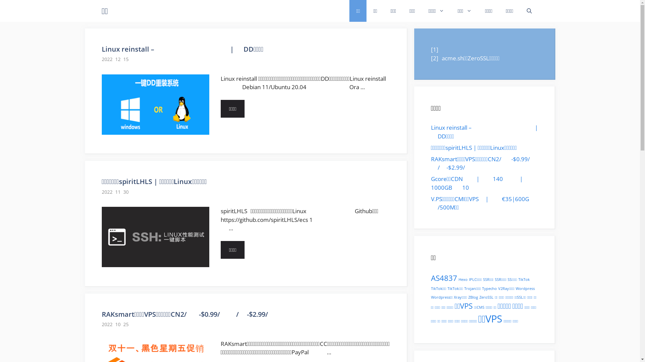  Describe the element at coordinates (518, 279) in the screenshot. I see `'TikTok'` at that location.